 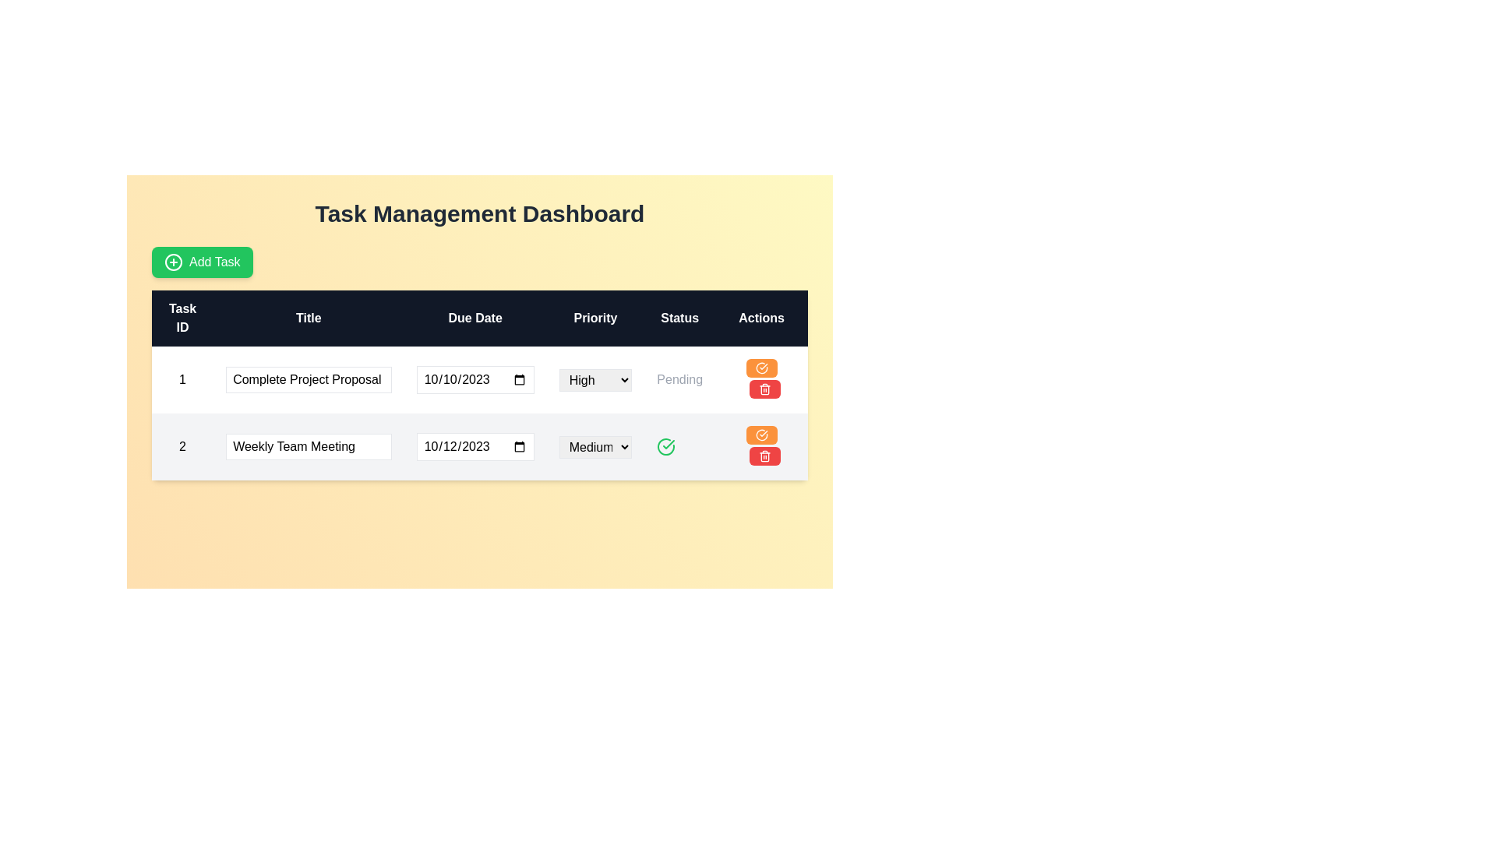 What do you see at coordinates (475, 380) in the screenshot?
I see `the date input field containing '10/10/2023' in the 'Due Date' column of the task list to focus on it` at bounding box center [475, 380].